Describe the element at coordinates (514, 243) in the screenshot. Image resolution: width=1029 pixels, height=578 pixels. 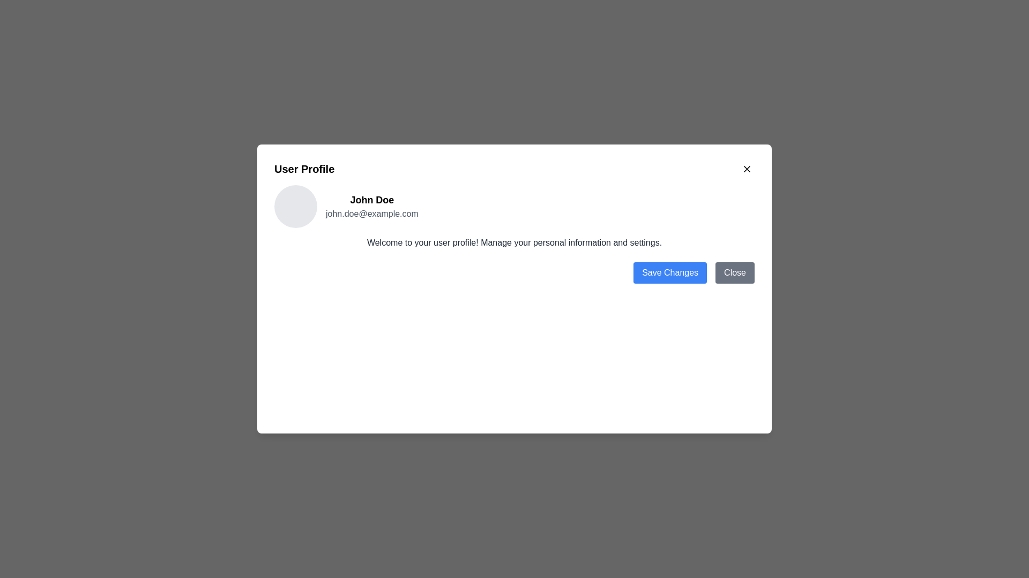
I see `the introduction text block on the profile page, which provides guidance on managing personal information and settings` at that location.